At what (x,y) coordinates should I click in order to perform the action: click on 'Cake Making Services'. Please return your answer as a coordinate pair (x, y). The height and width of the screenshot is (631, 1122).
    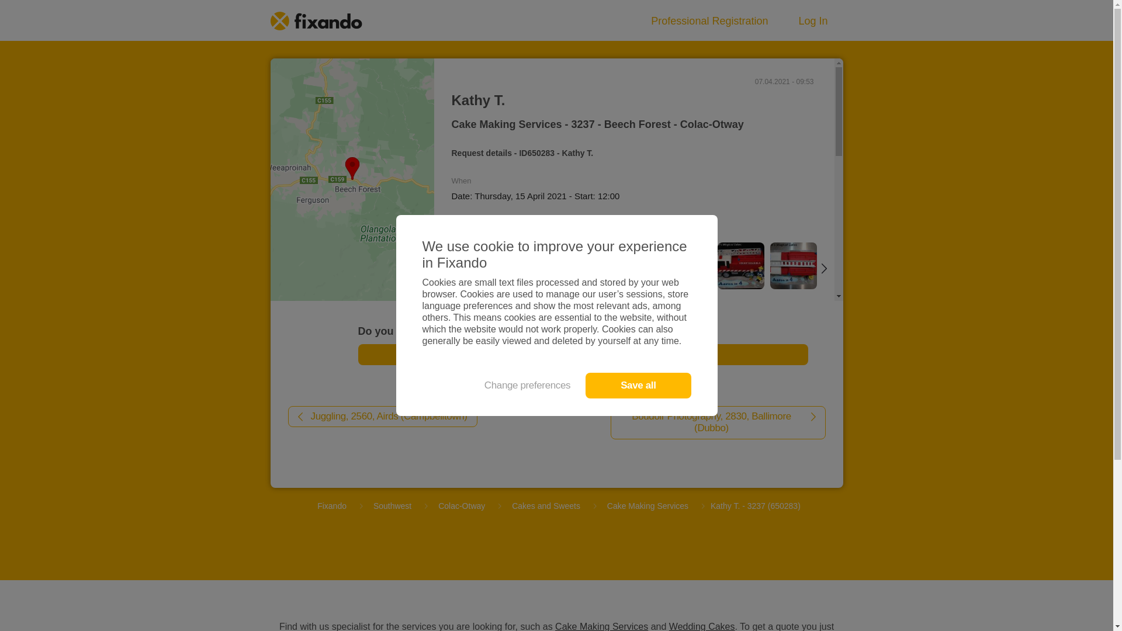
    Looking at the image, I should click on (602, 505).